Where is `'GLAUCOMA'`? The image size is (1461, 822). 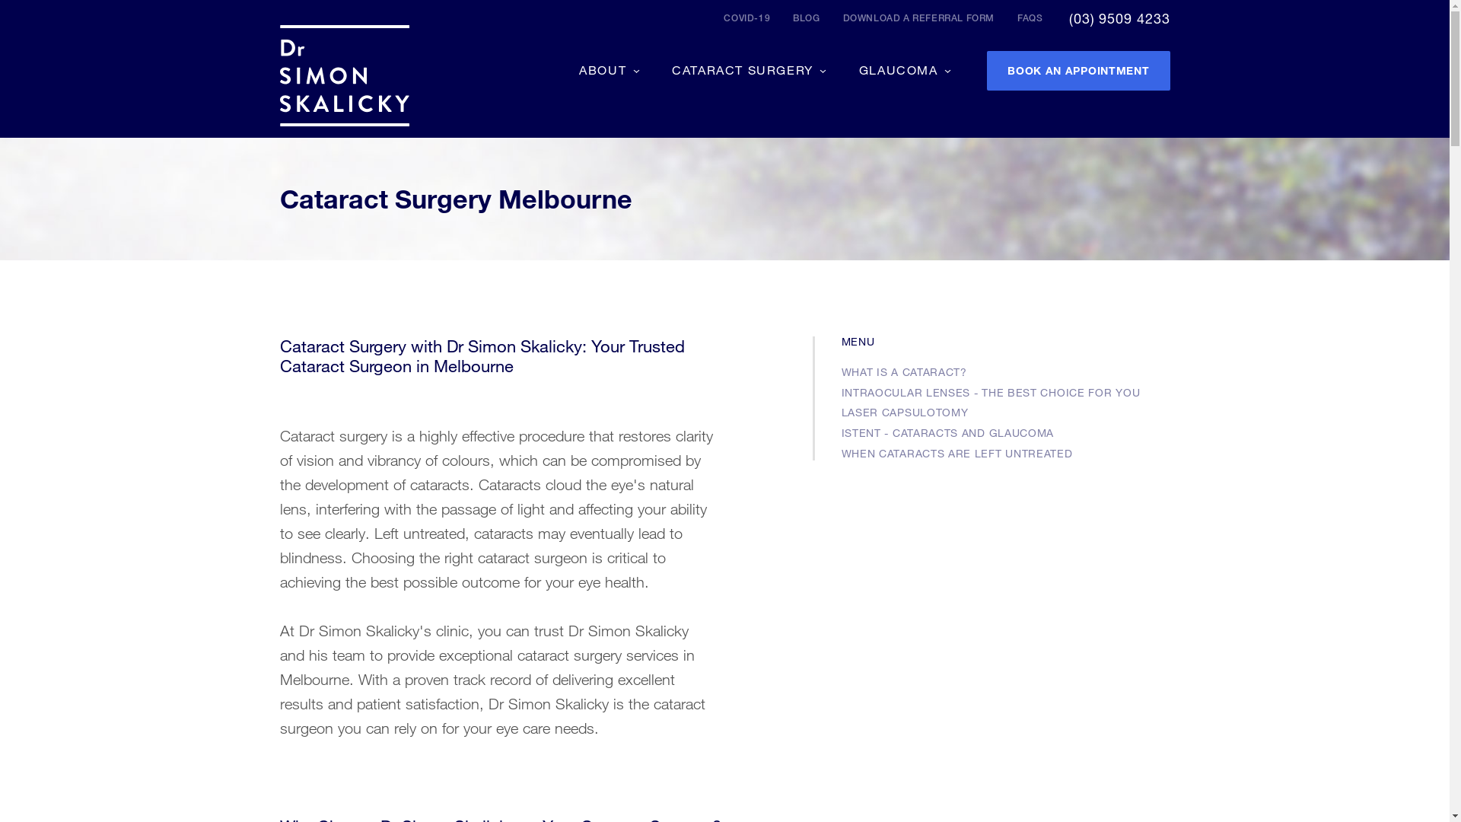
'GLAUCOMA' is located at coordinates (904, 69).